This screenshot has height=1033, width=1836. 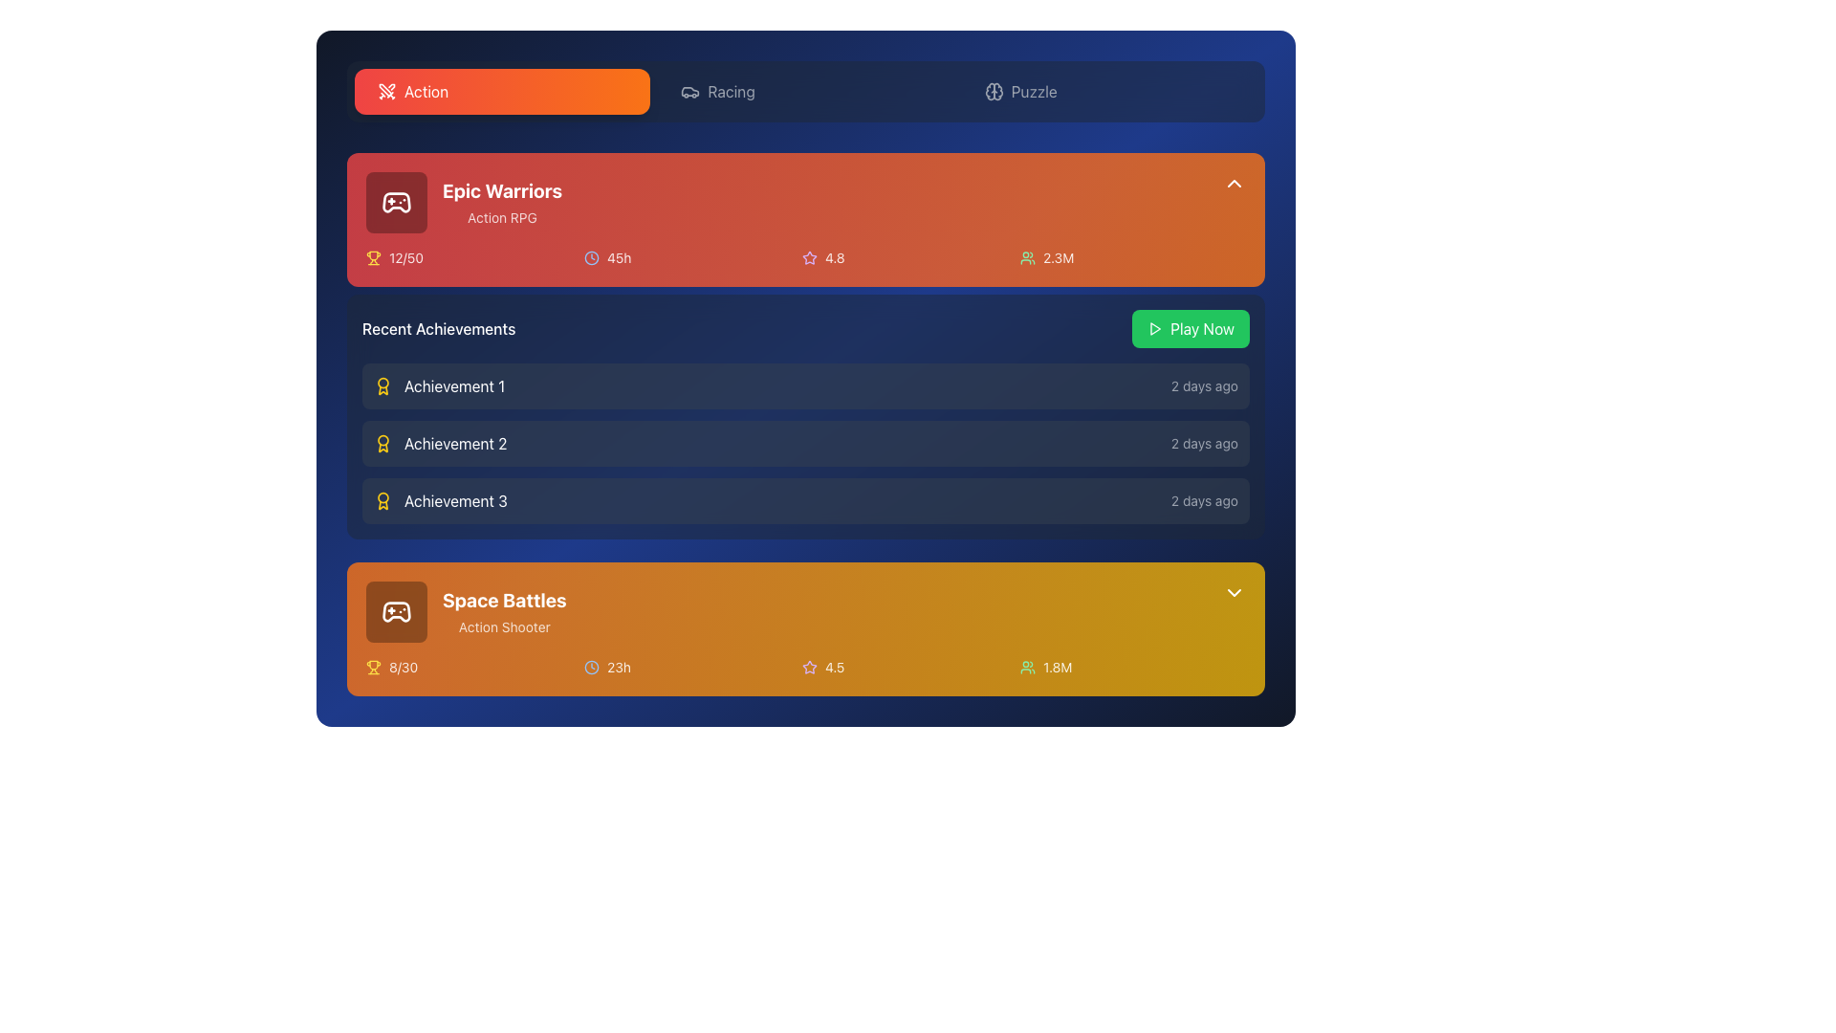 What do you see at coordinates (809, 258) in the screenshot?
I see `the star icon` at bounding box center [809, 258].